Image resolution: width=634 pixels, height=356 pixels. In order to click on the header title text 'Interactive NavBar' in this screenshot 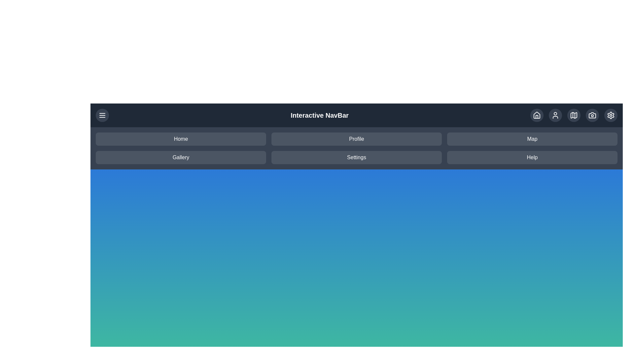, I will do `click(320, 115)`.